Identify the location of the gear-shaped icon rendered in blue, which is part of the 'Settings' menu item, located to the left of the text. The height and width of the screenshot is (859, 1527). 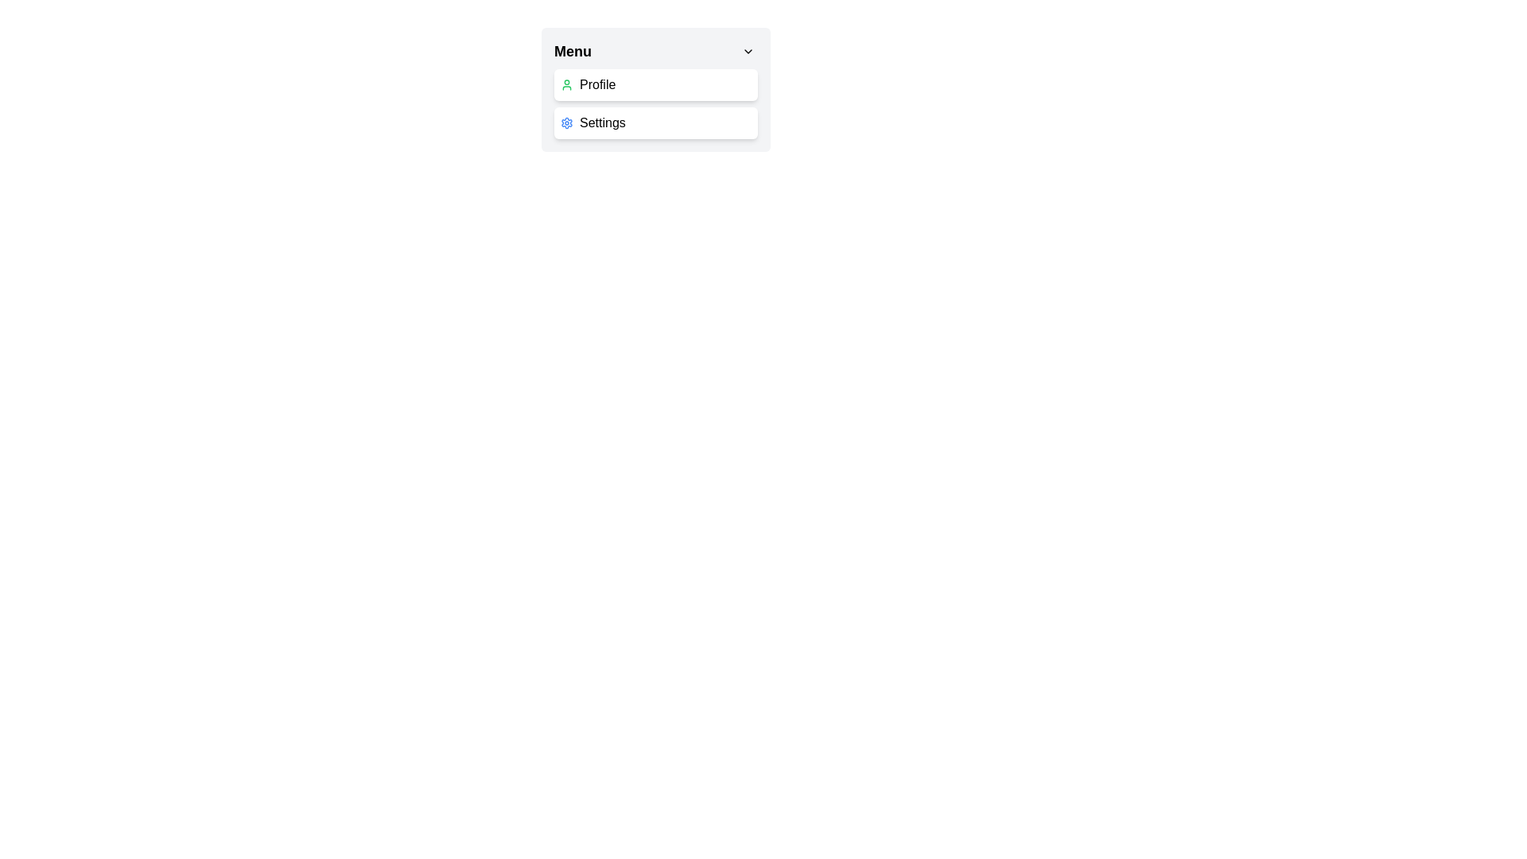
(567, 122).